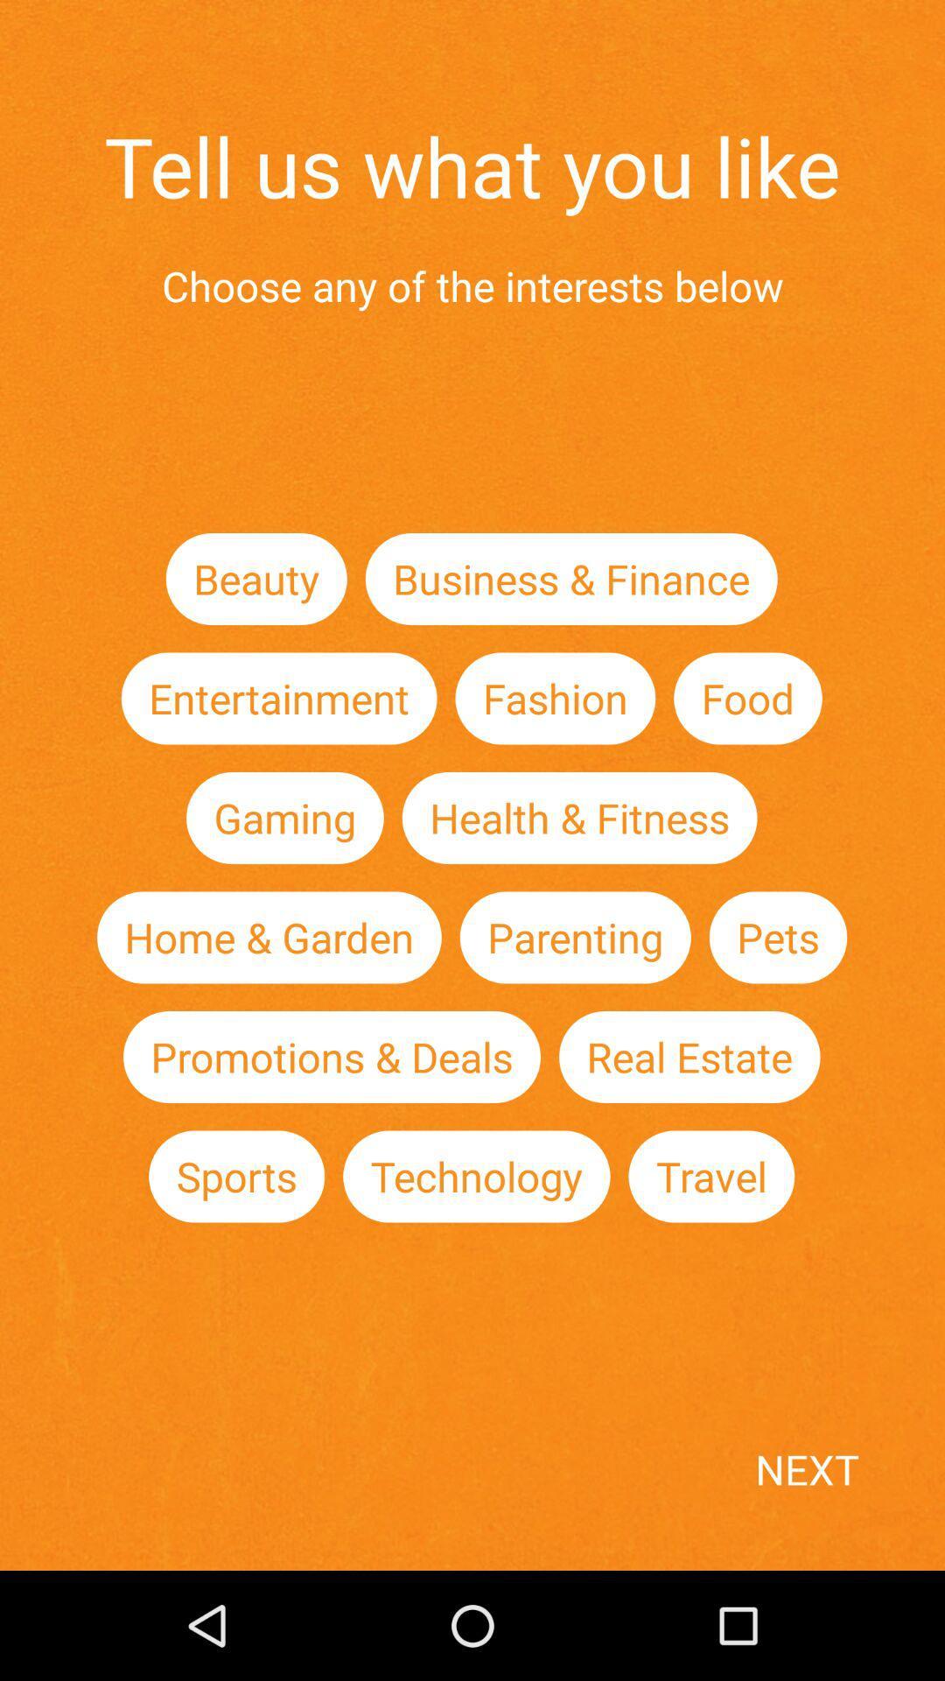  What do you see at coordinates (711, 1177) in the screenshot?
I see `item next to technology icon` at bounding box center [711, 1177].